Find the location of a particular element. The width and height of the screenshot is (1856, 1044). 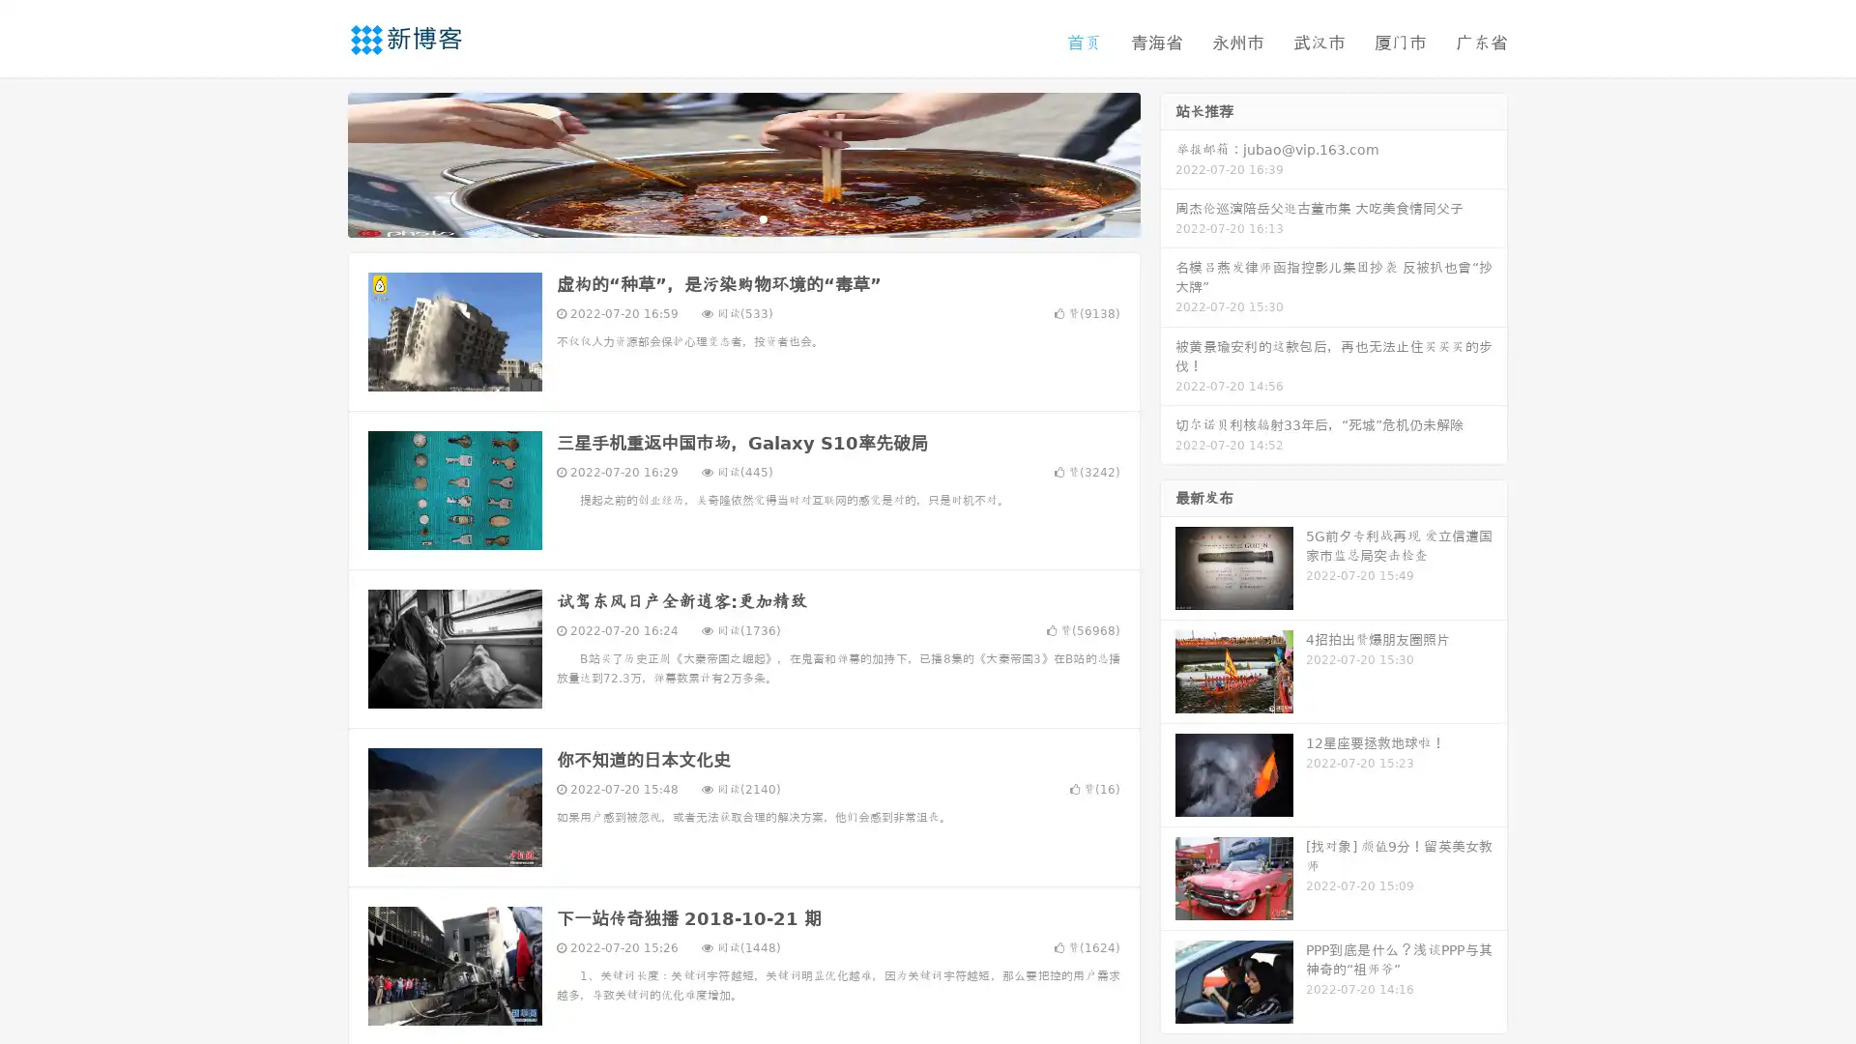

Previous slide is located at coordinates (319, 162).